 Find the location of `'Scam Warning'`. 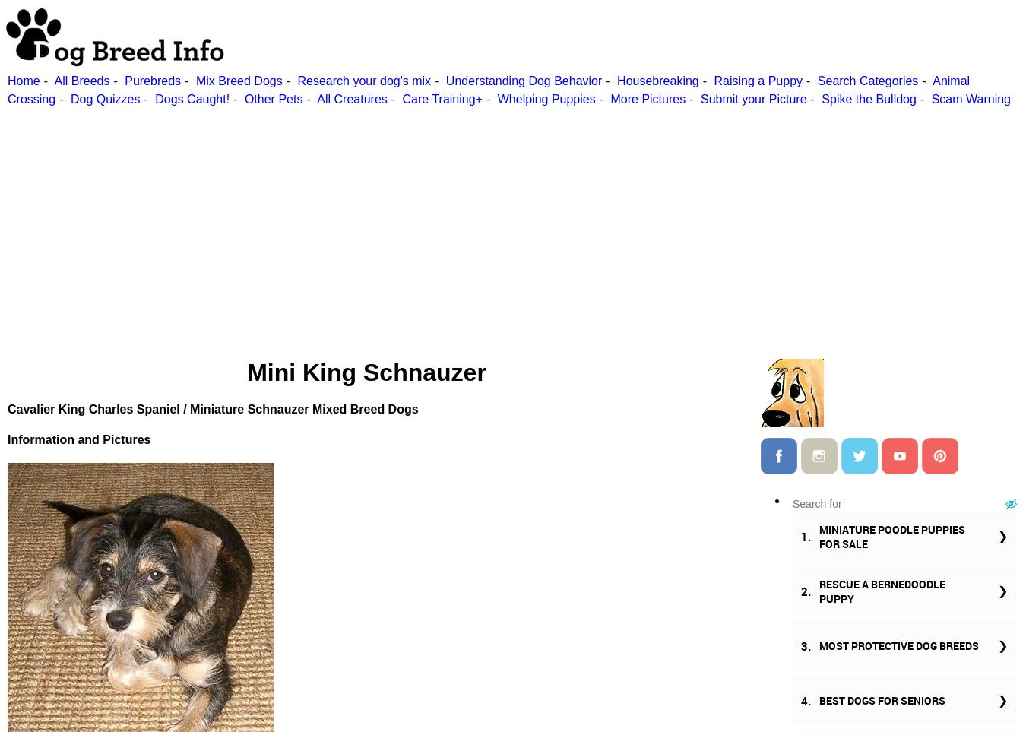

'Scam Warning' is located at coordinates (971, 98).